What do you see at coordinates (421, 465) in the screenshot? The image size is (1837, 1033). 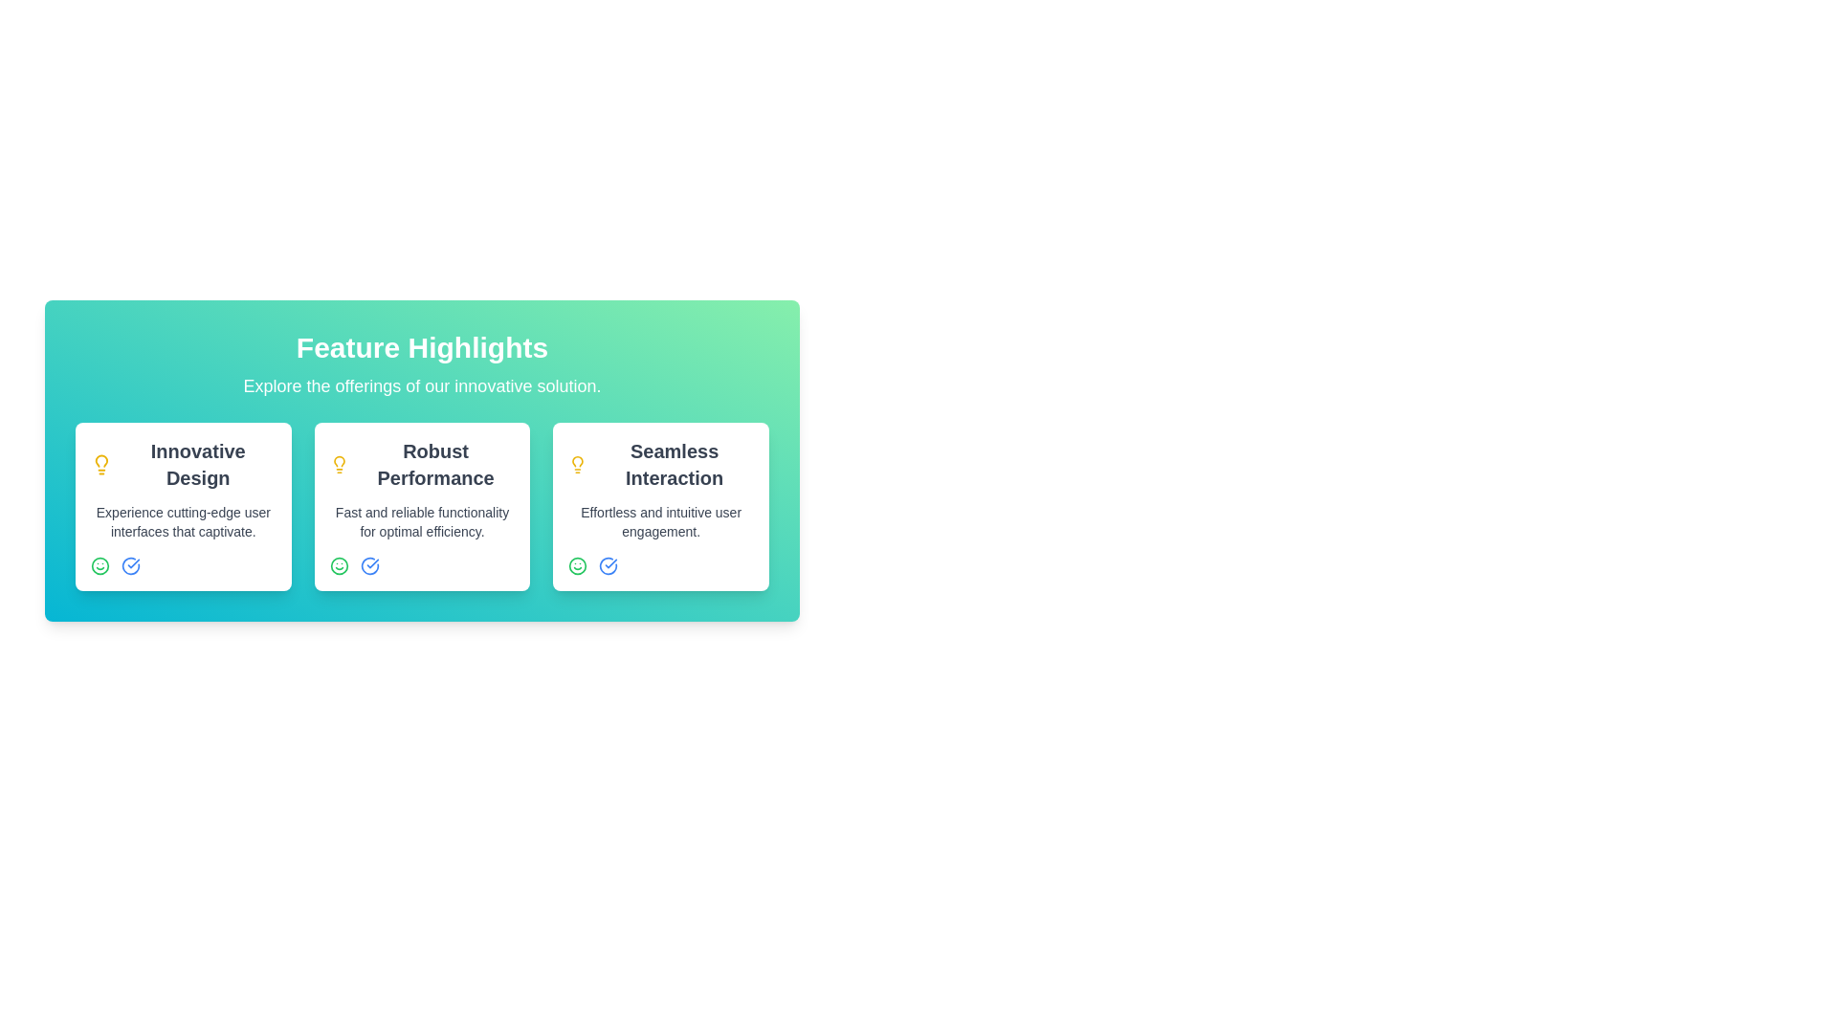 I see `bold text label 'Robust Performance' accompanied by the yellow lightbulb icon, located at the top section of the central card within a horizontally arranged trio in the grid` at bounding box center [421, 465].